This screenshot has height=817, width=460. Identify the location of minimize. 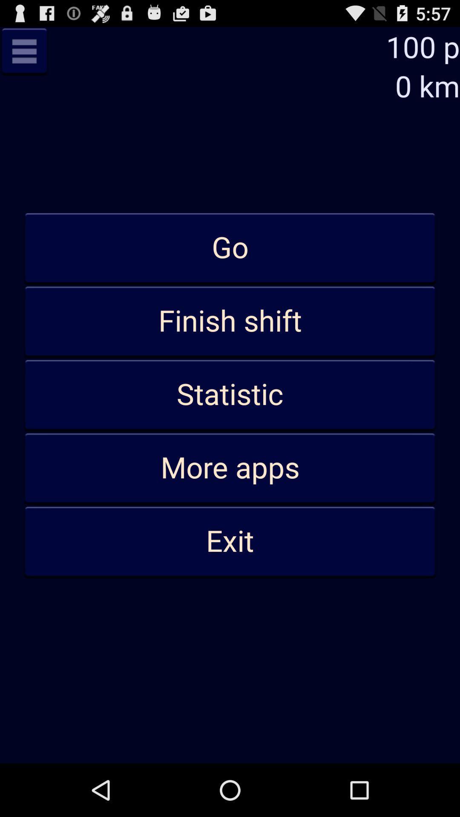
(24, 51).